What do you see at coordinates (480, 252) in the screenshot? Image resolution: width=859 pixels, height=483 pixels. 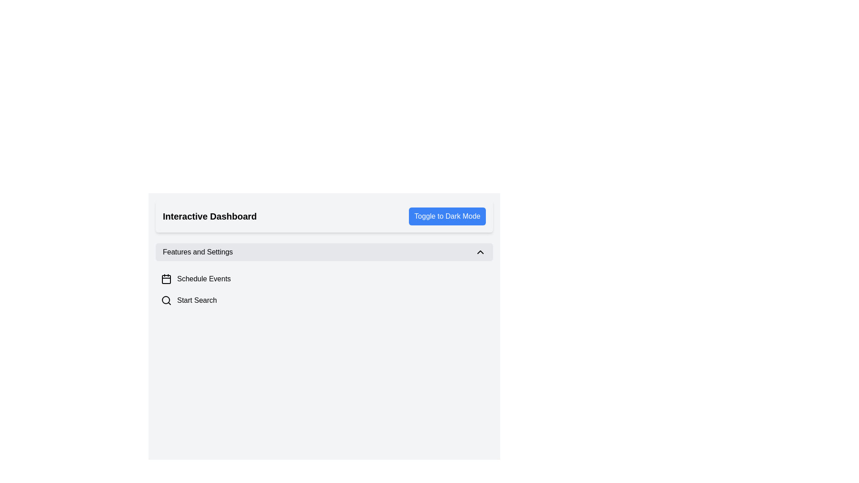 I see `the expandable/collapsible icon located at the far right of the 'Features and Settings' header section` at bounding box center [480, 252].